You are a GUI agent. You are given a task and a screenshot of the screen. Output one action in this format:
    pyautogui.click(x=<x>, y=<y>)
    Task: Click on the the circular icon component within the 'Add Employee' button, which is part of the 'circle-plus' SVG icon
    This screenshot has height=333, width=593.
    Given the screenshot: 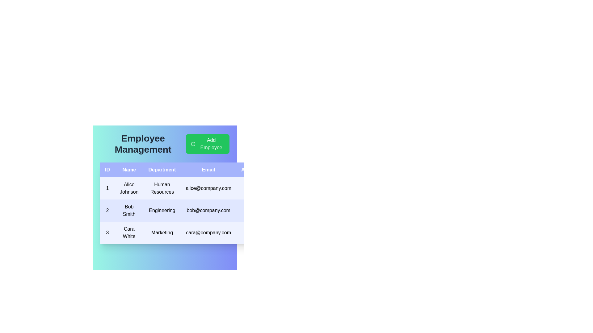 What is the action you would take?
    pyautogui.click(x=193, y=144)
    